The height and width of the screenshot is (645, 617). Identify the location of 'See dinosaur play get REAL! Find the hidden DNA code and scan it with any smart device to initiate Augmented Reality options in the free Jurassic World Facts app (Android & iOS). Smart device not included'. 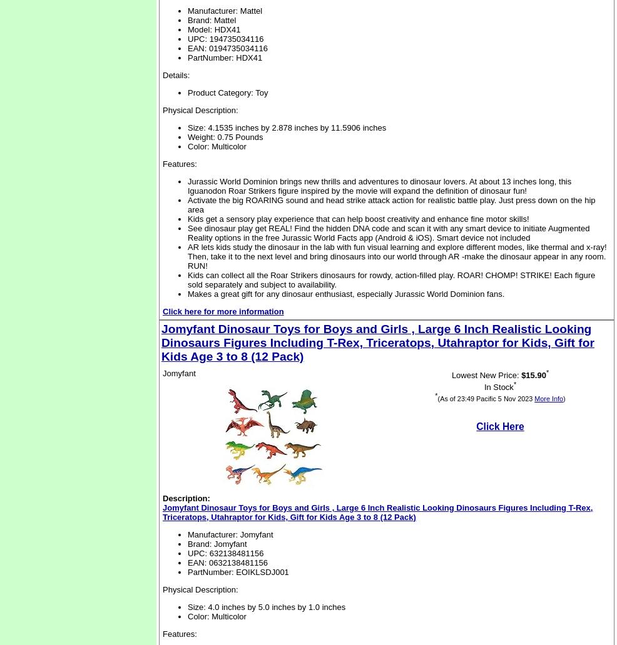
(188, 232).